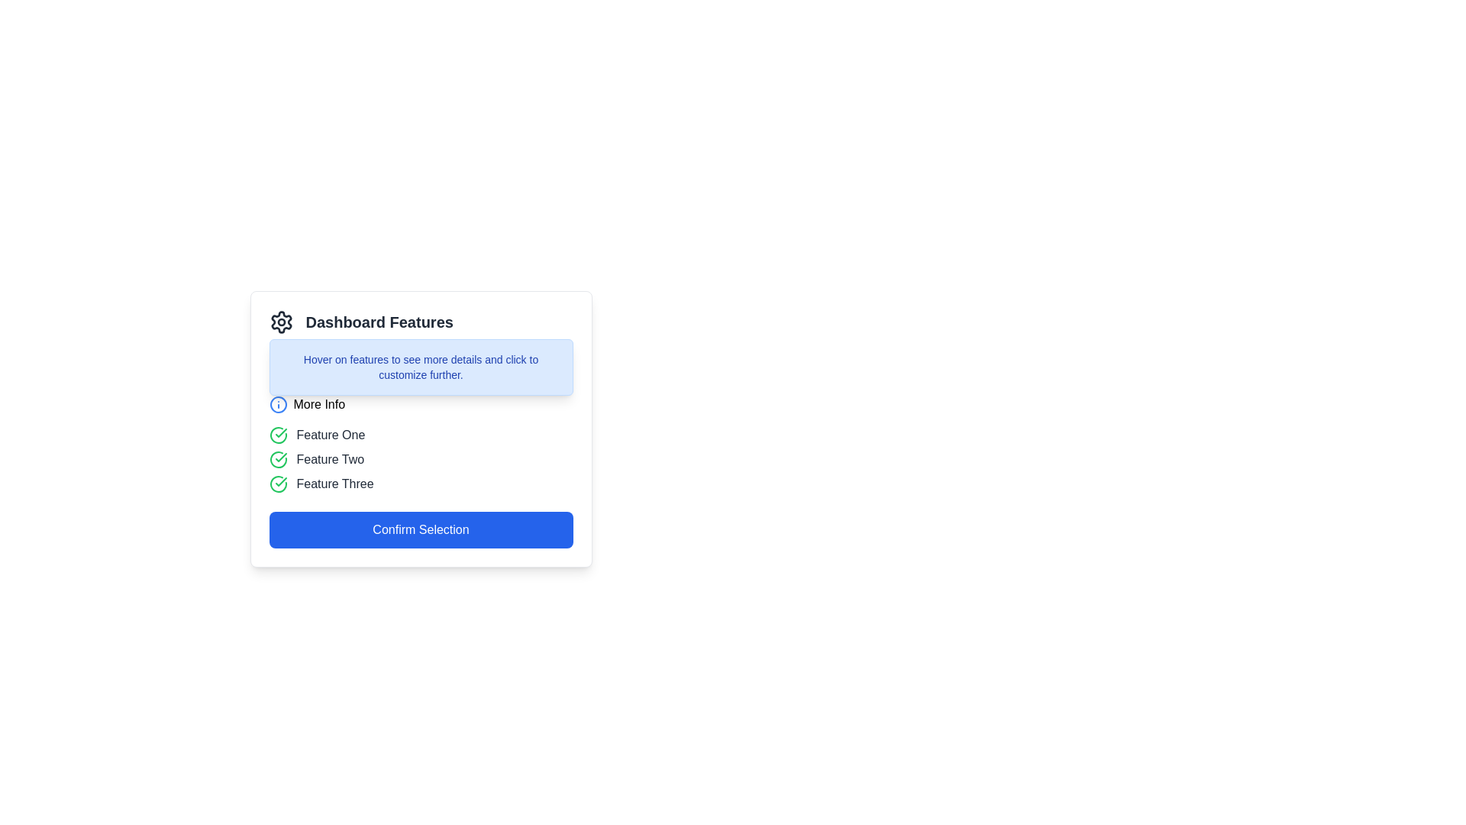 Image resolution: width=1466 pixels, height=825 pixels. I want to click on the circular icon indicating that 'Feature One' is enabled or selected, so click(278, 435).